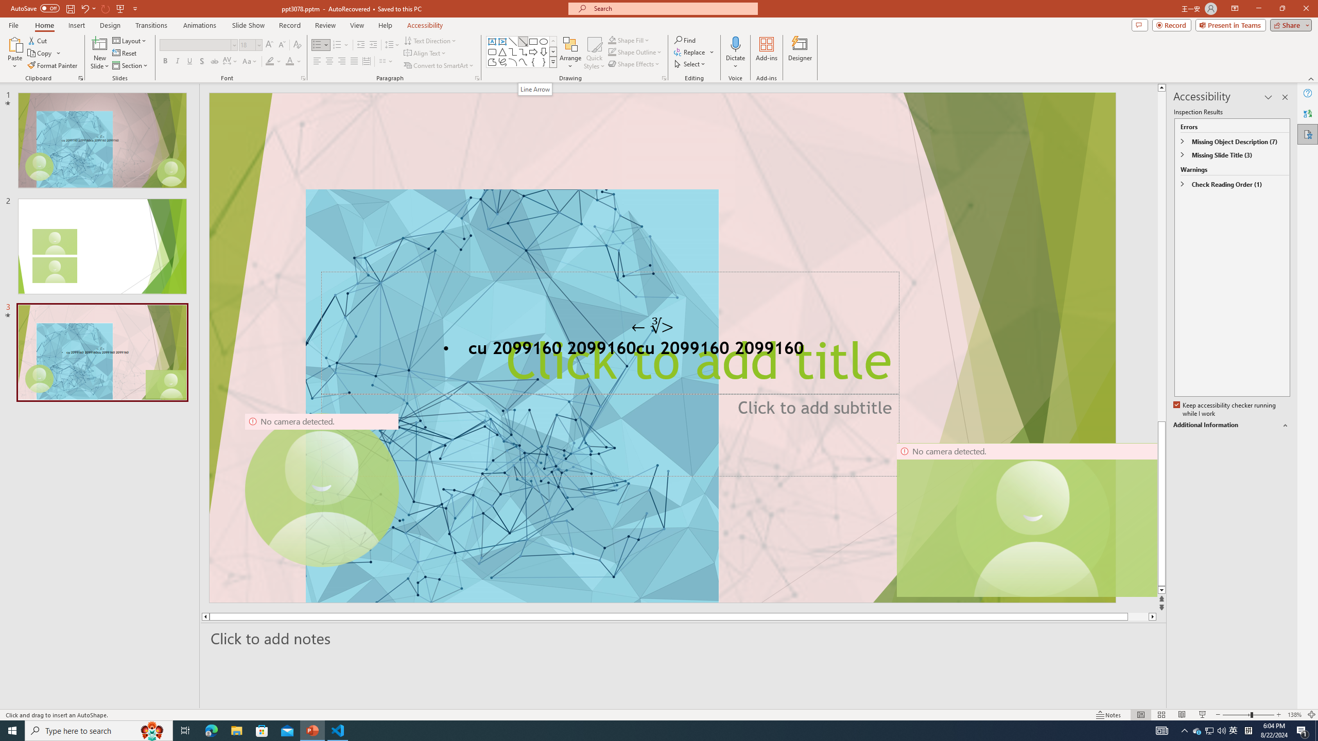 This screenshot has width=1318, height=741. What do you see at coordinates (543, 61) in the screenshot?
I see `'Right Brace'` at bounding box center [543, 61].